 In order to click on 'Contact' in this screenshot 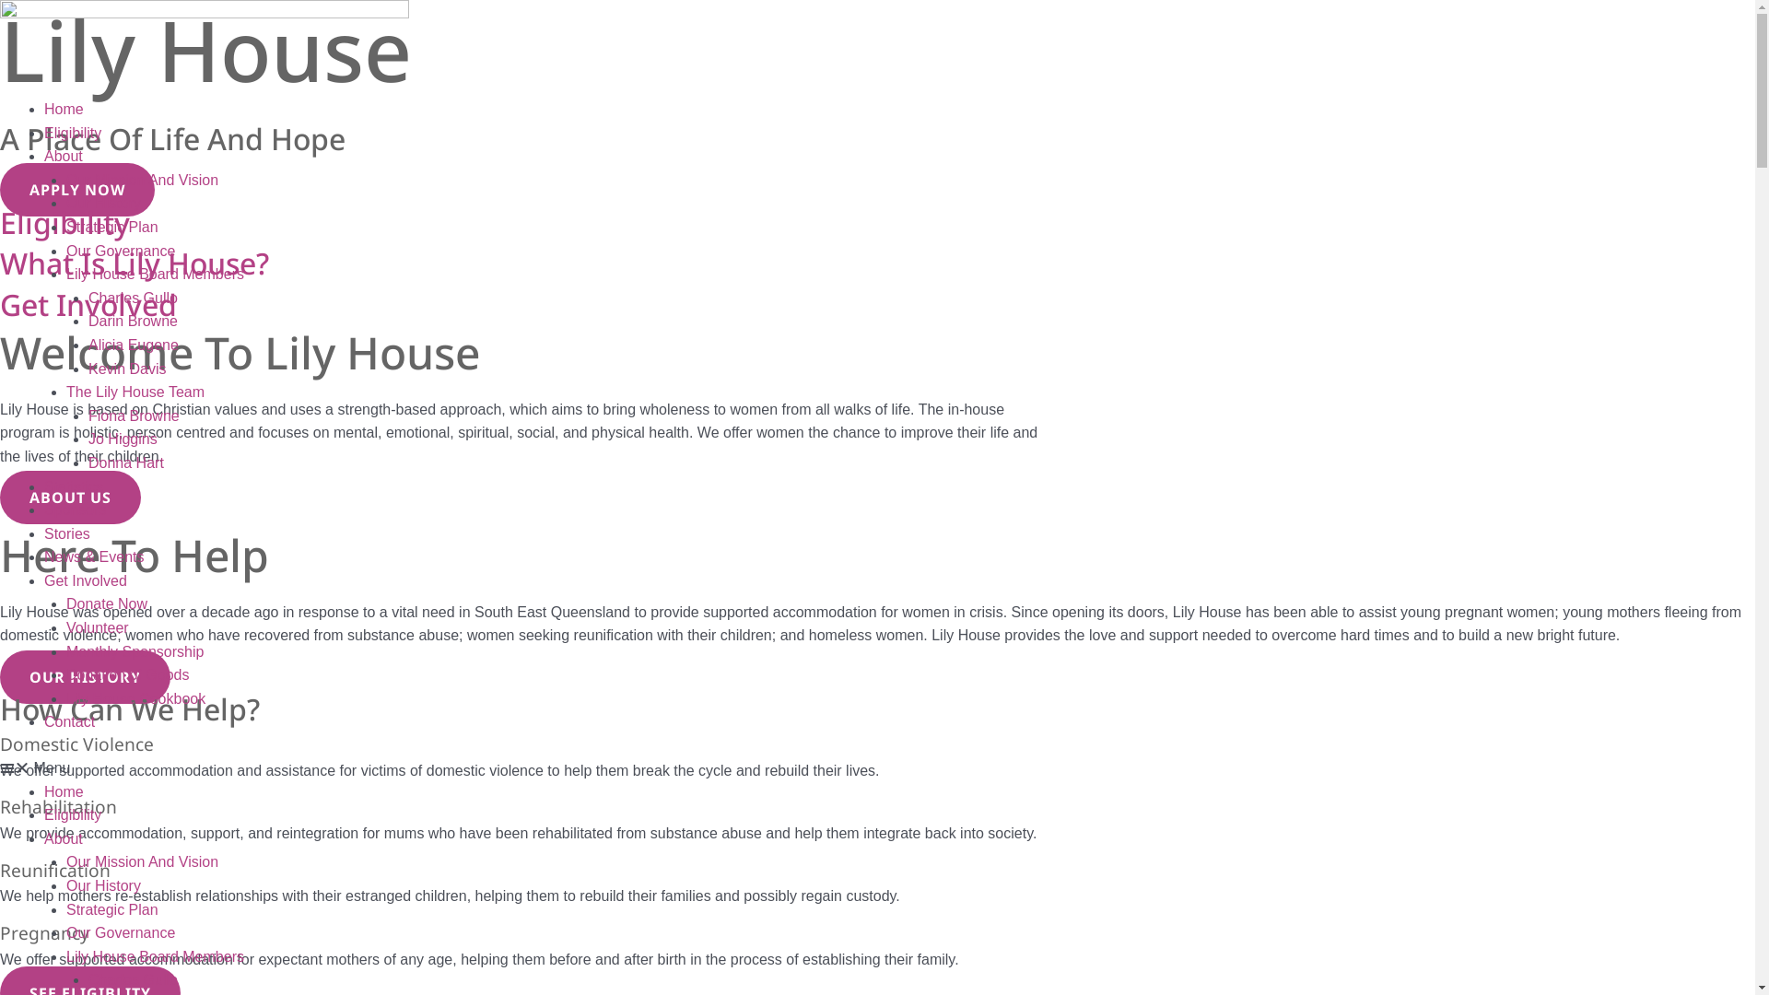, I will do `click(69, 720)`.